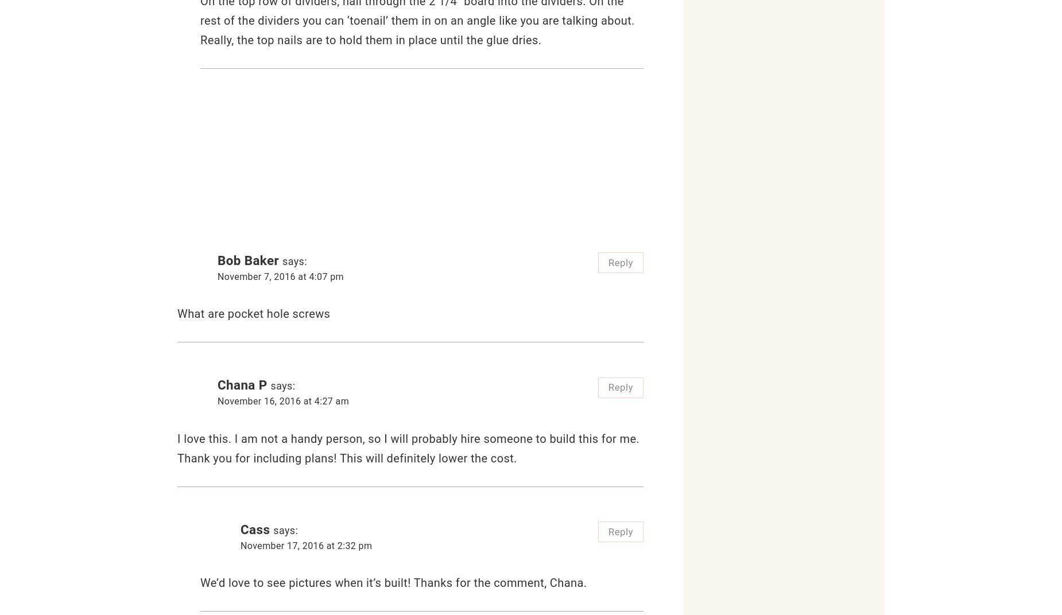  Describe the element at coordinates (247, 259) in the screenshot. I see `'Bob Baker'` at that location.